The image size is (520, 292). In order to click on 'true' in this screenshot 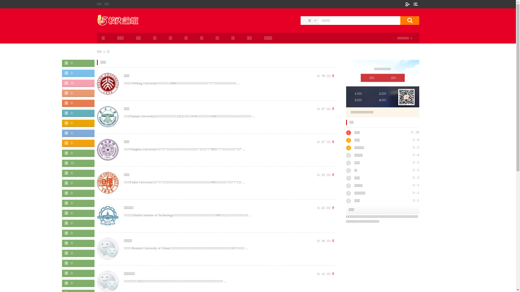, I will do `click(409, 20)`.